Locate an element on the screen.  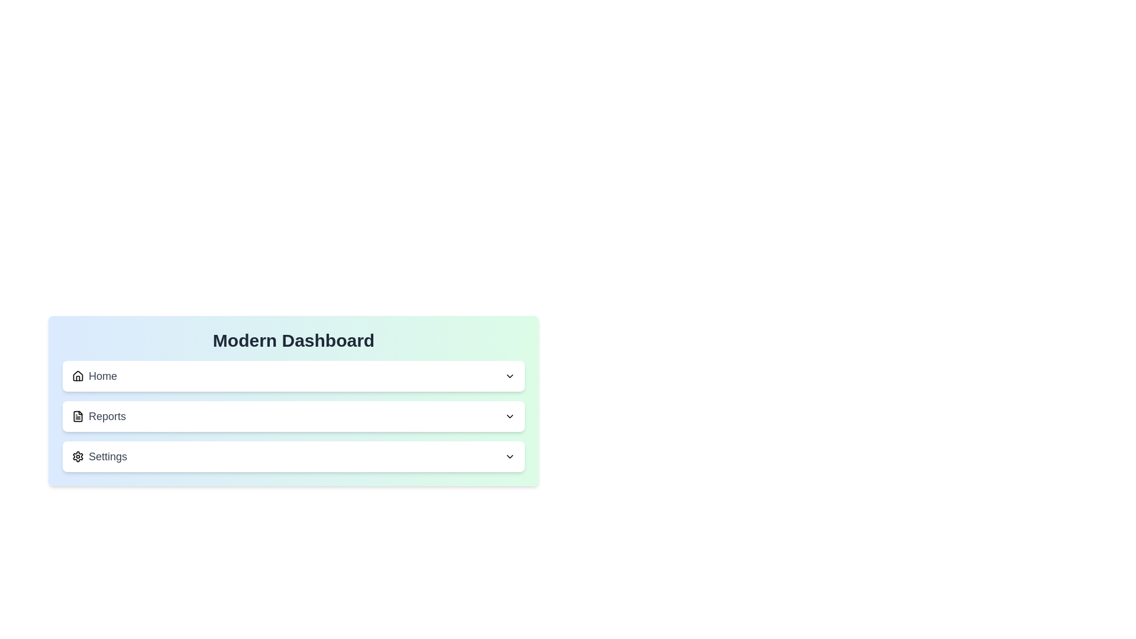
the navigational button with an icon and text that redirects users to the Home section or dashboard of the application is located at coordinates (93, 376).